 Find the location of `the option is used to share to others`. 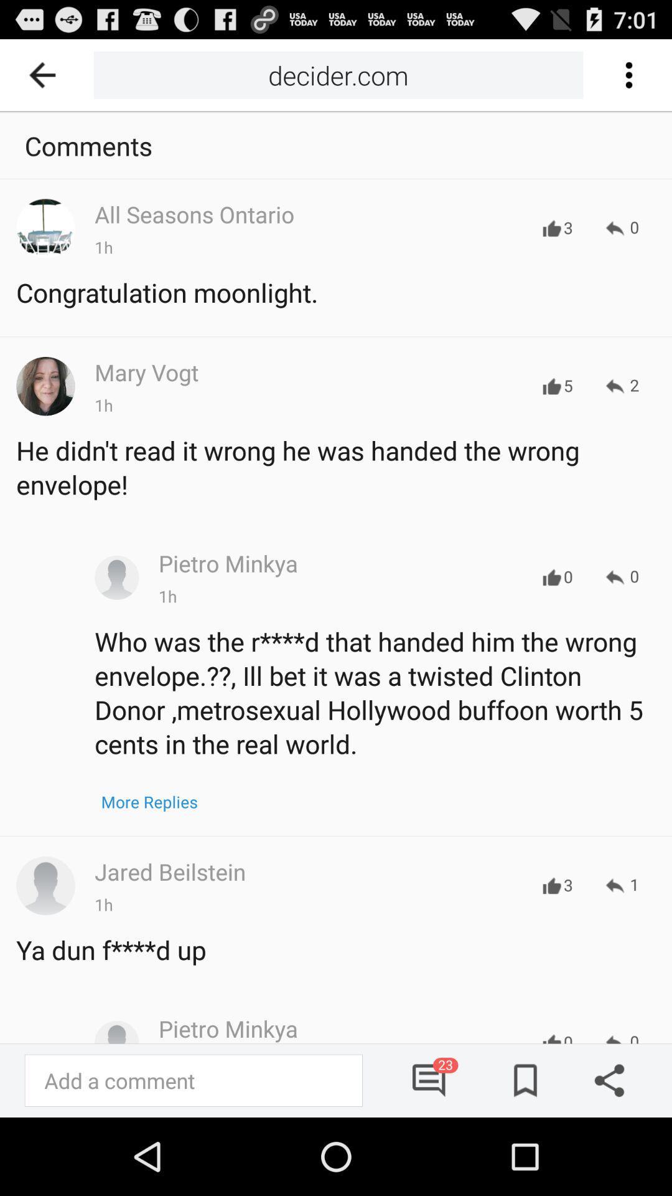

the option is used to share to others is located at coordinates (604, 1080).